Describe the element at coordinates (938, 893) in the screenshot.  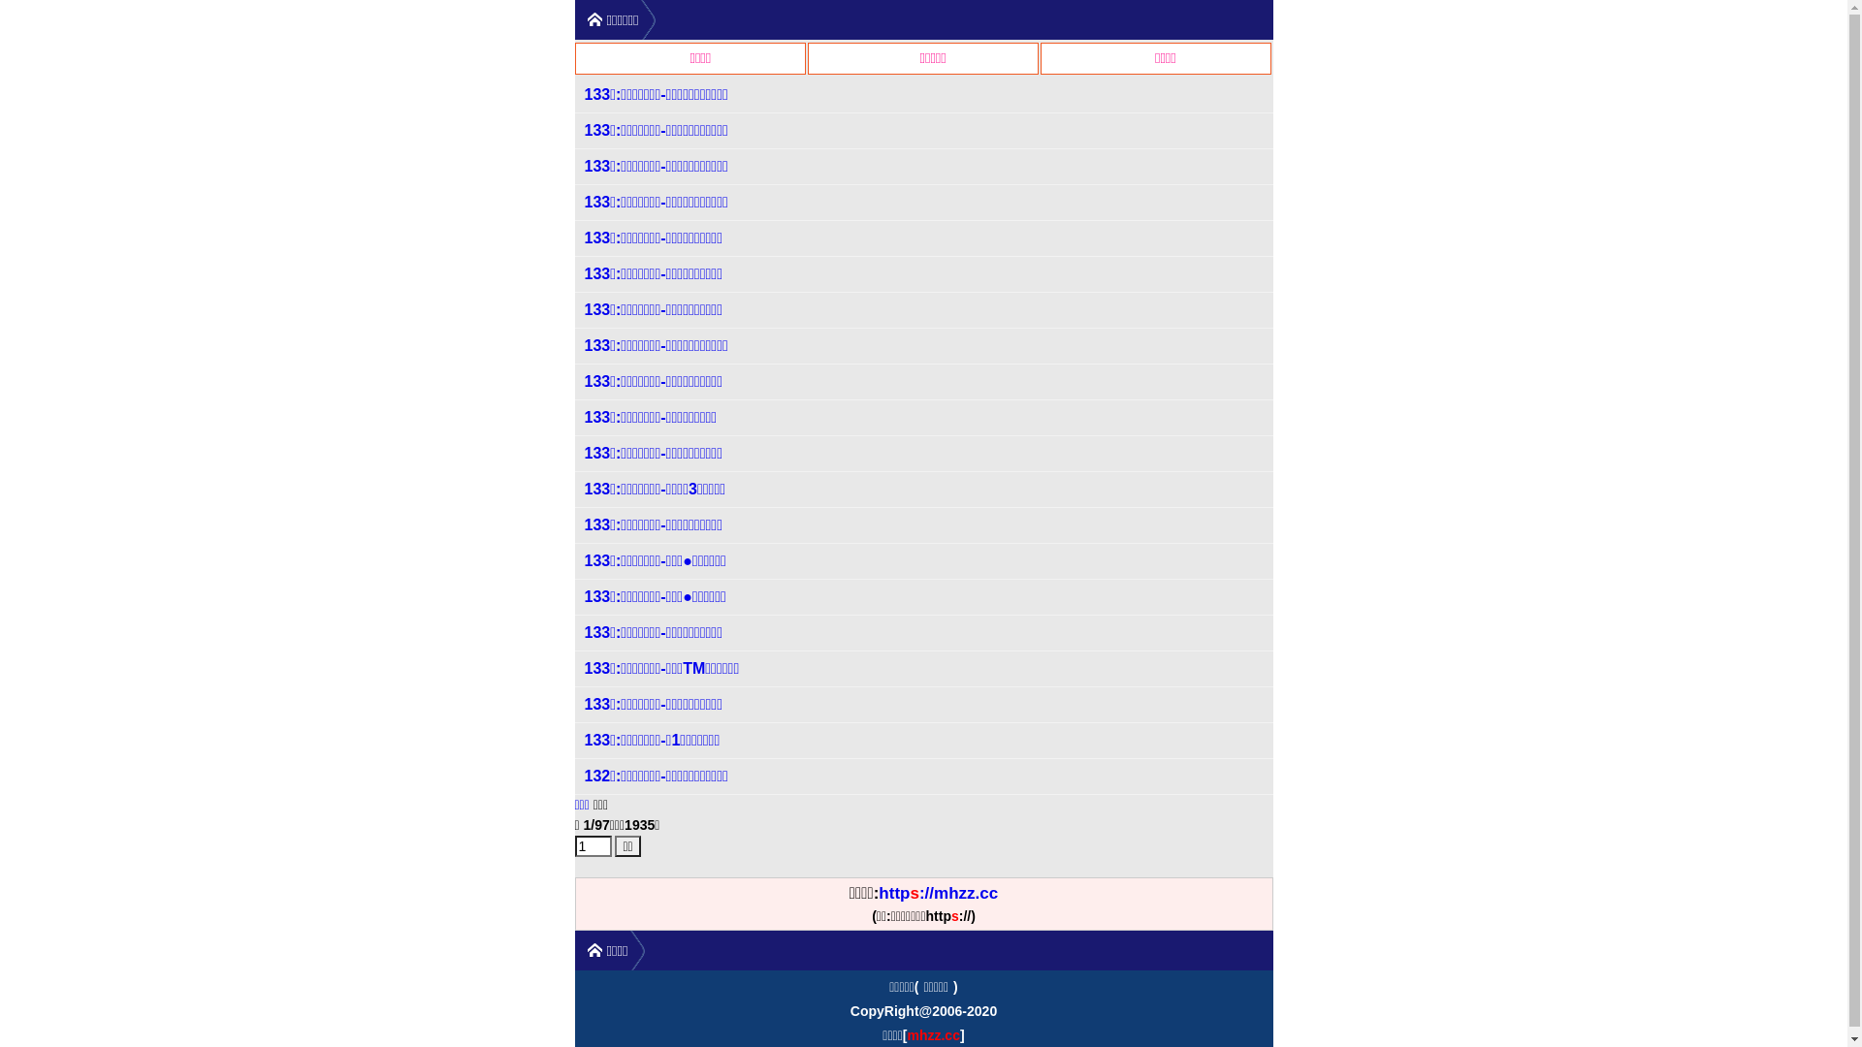
I see `'https://mhzz.cc'` at that location.